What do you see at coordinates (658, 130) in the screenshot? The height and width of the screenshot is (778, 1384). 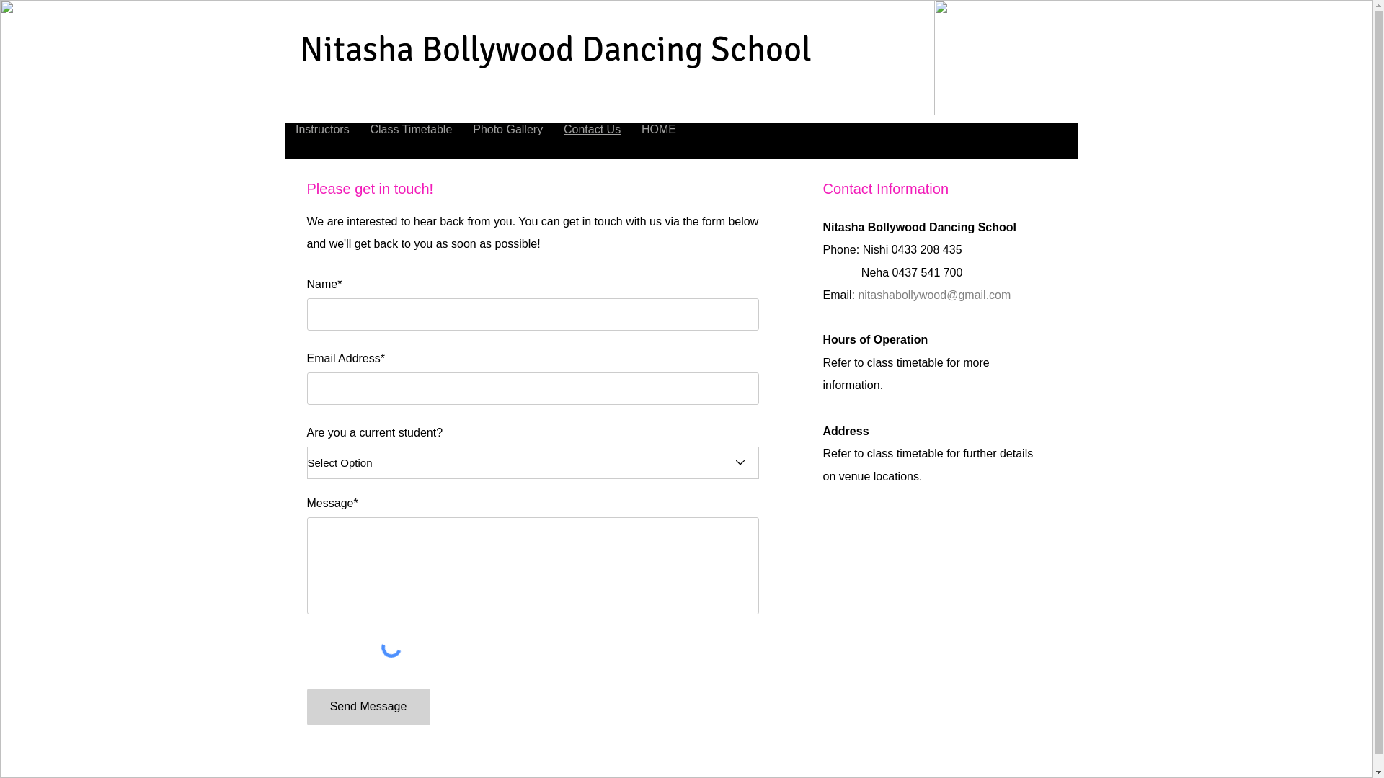 I see `'HOME'` at bounding box center [658, 130].